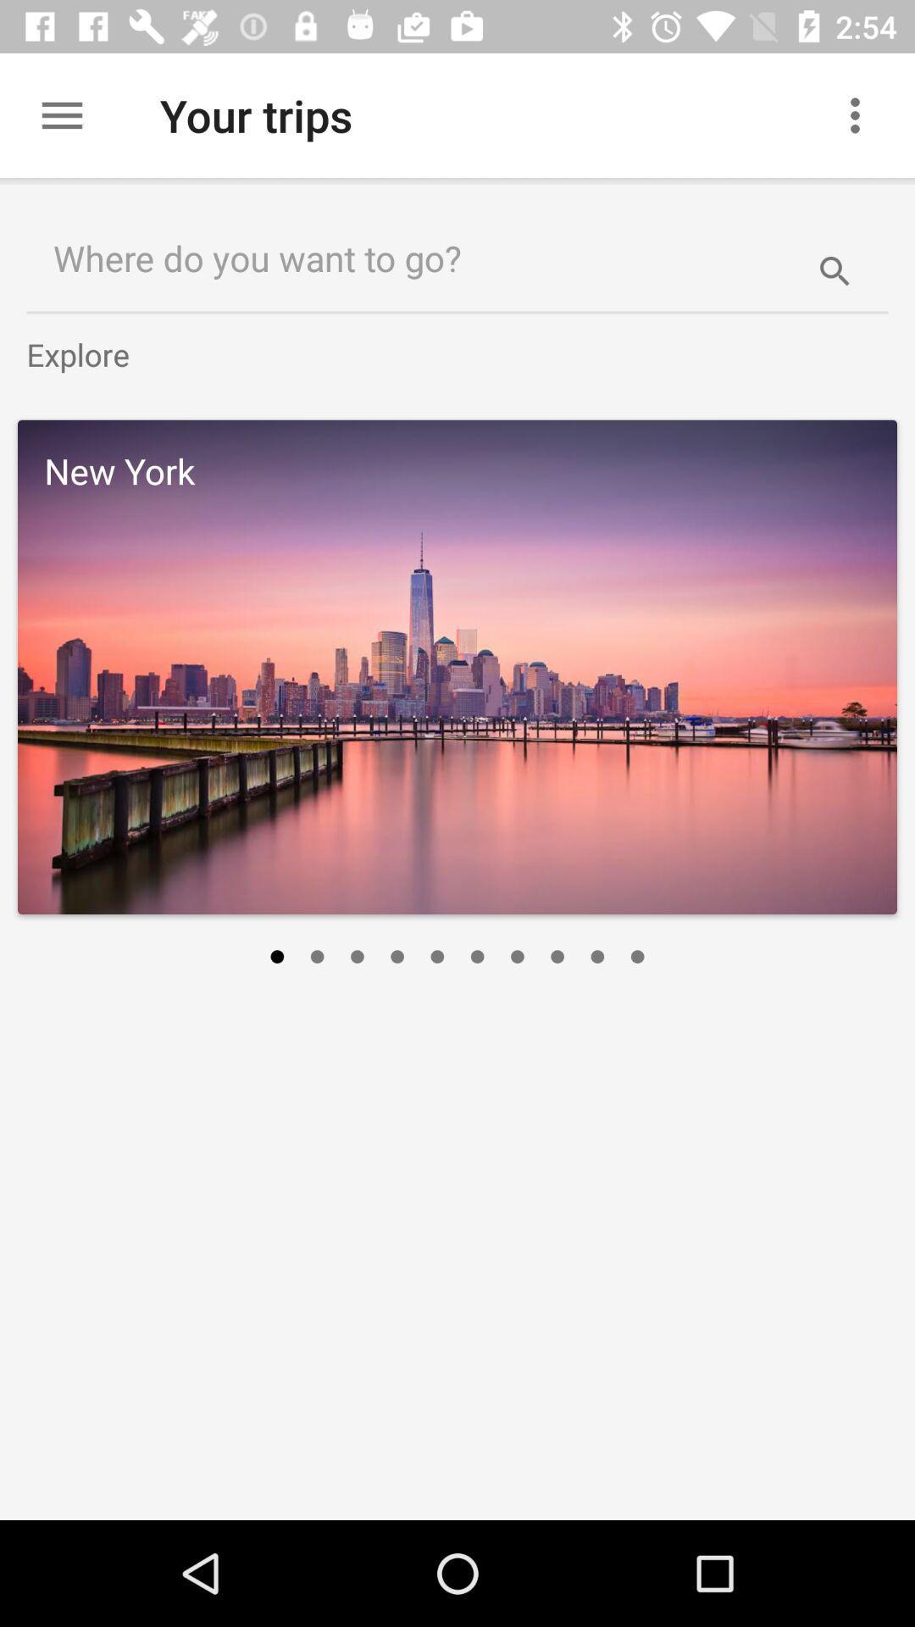 The width and height of the screenshot is (915, 1627). Describe the element at coordinates (637, 957) in the screenshot. I see `icon on the right` at that location.